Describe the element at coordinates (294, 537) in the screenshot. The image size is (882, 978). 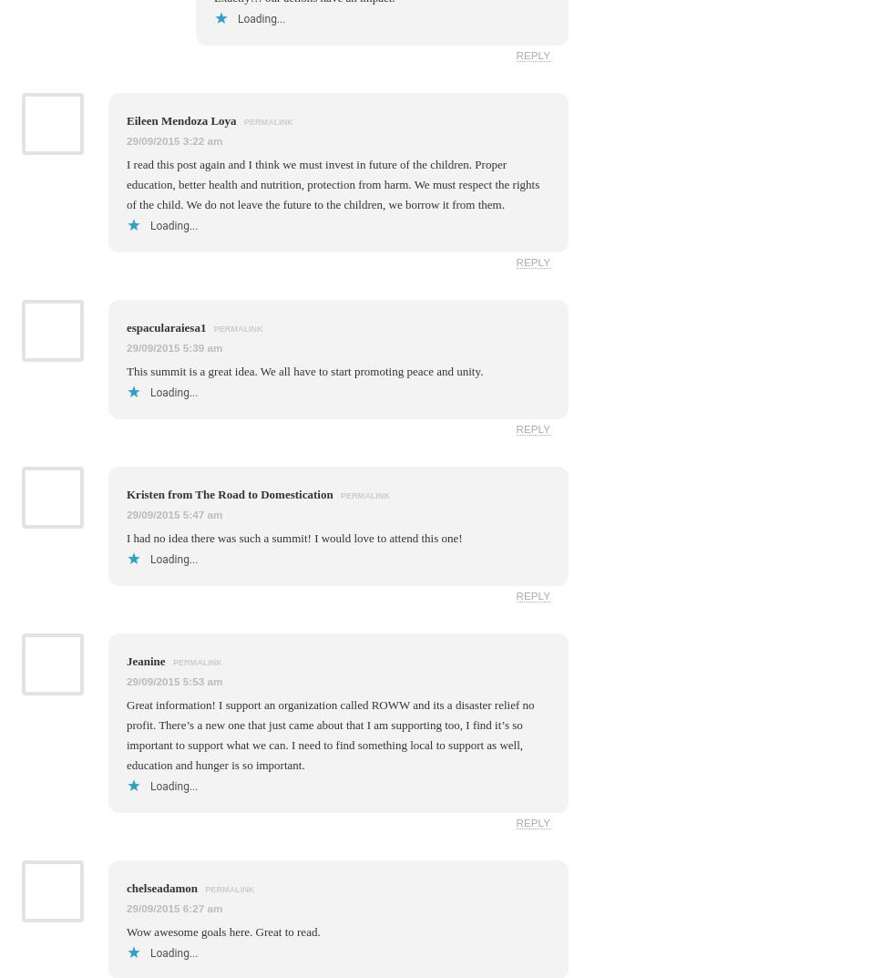
I see `'I had no idea there was such a summit! I would love to attend this one!'` at that location.